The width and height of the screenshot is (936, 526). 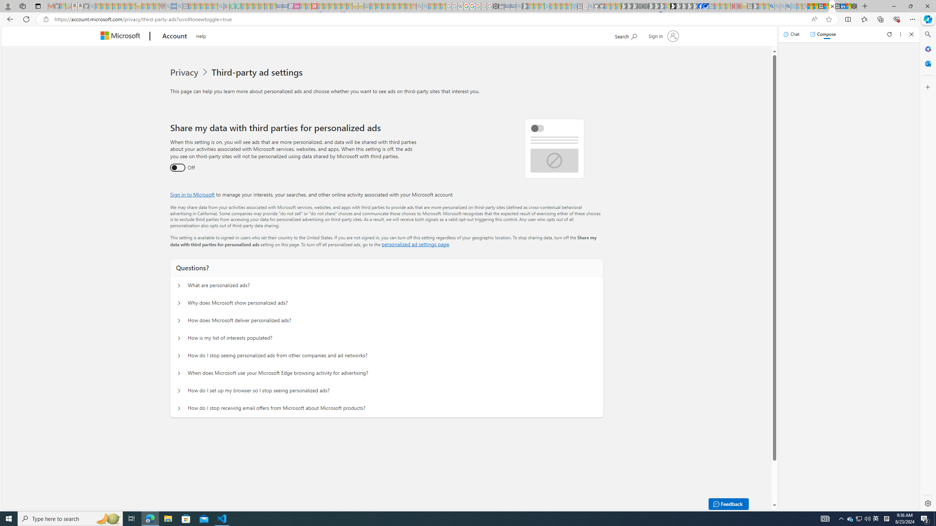 I want to click on 'Questions? Why does Microsoft show personalized ads?', so click(x=179, y=303).